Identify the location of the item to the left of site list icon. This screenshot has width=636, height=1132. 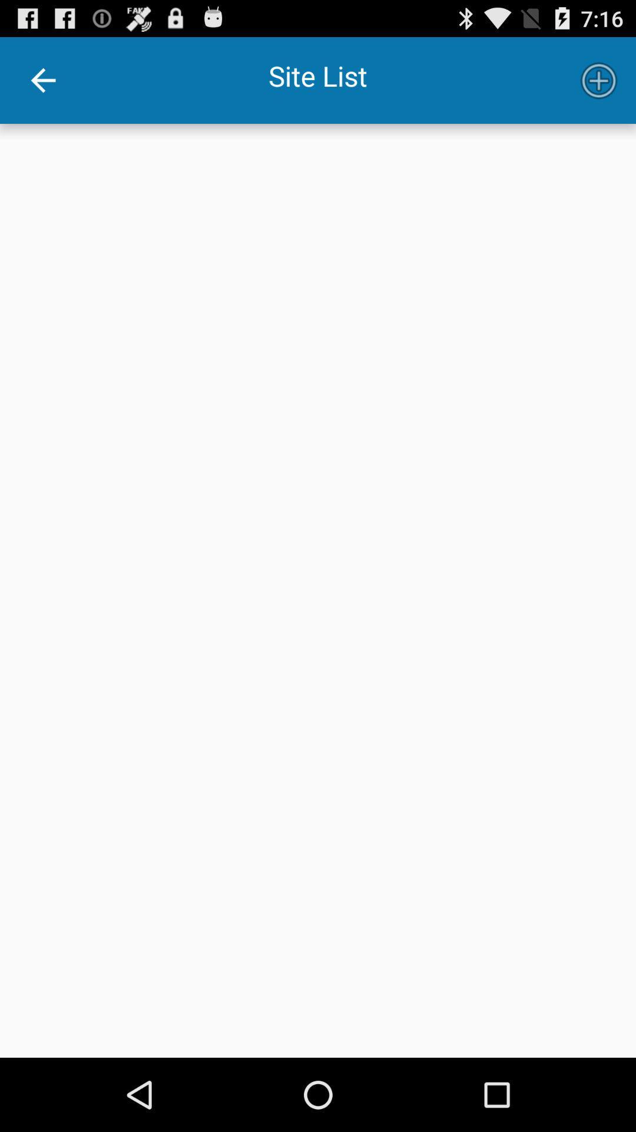
(42, 80).